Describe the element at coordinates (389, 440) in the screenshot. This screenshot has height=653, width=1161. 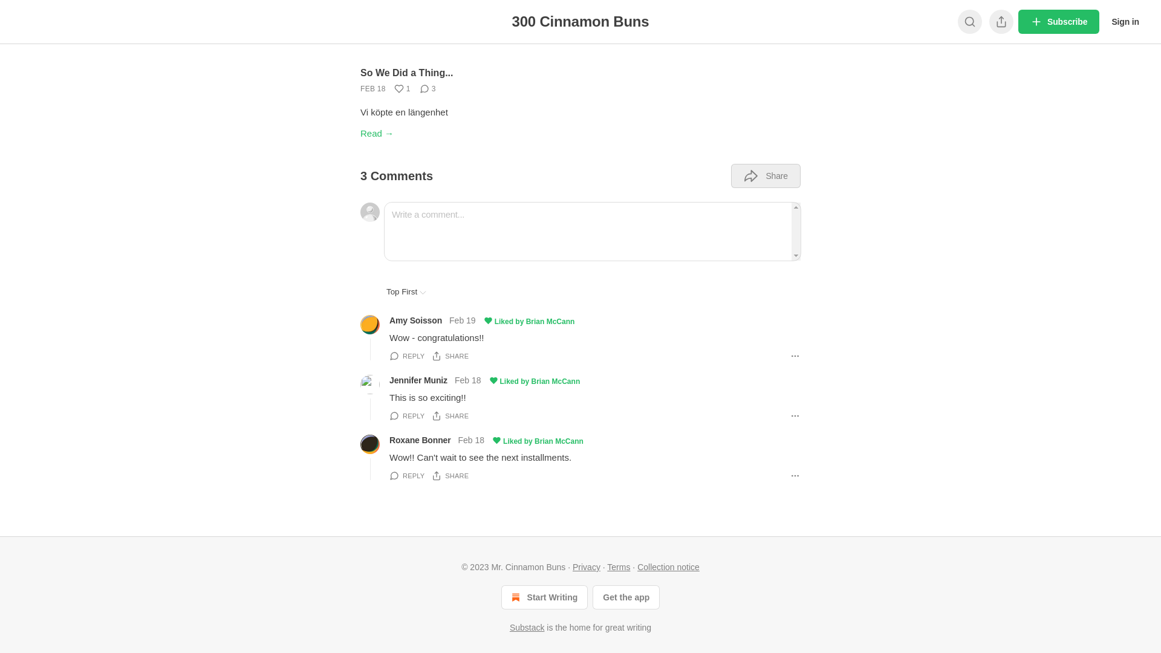
I see `'Roxane Bonner'` at that location.